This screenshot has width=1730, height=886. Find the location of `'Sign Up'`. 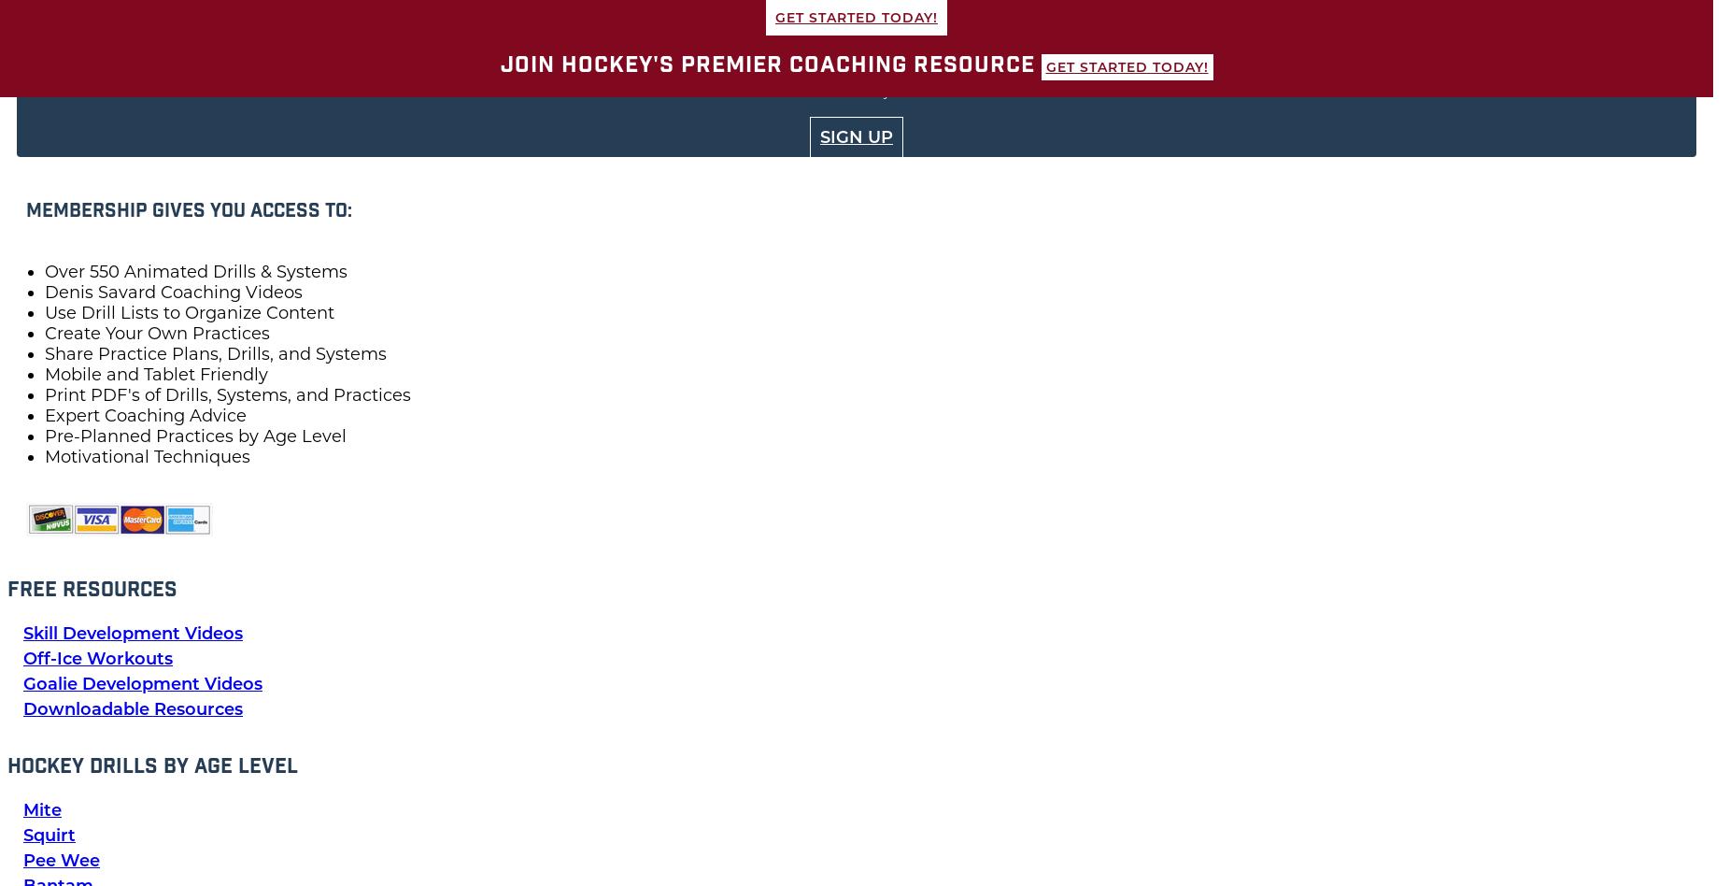

'Sign Up' is located at coordinates (856, 136).